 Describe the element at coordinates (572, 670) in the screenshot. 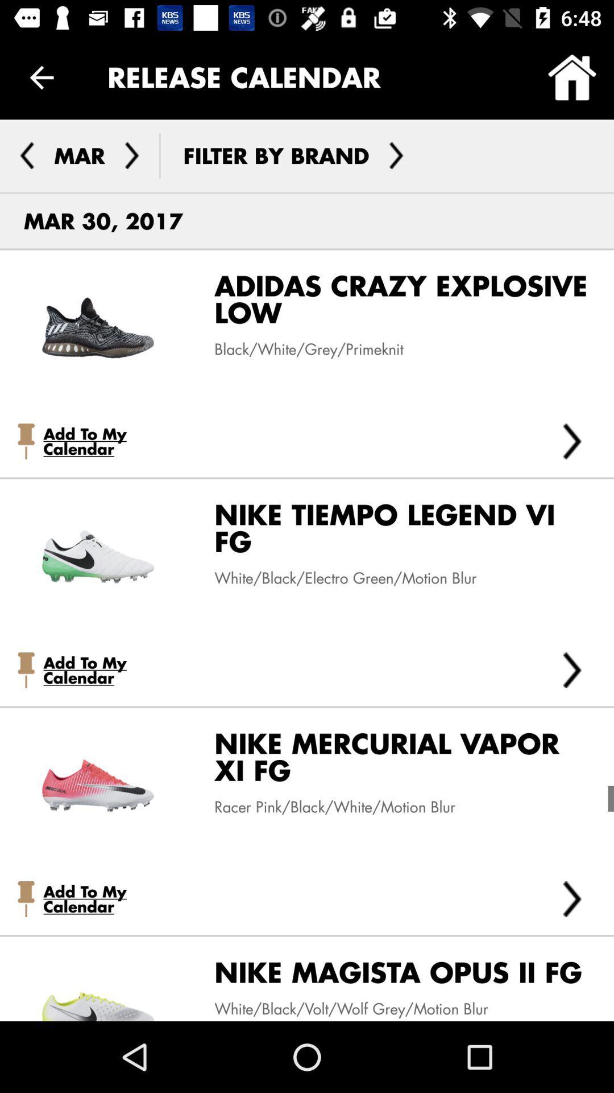

I see `the icon next to add to my item` at that location.